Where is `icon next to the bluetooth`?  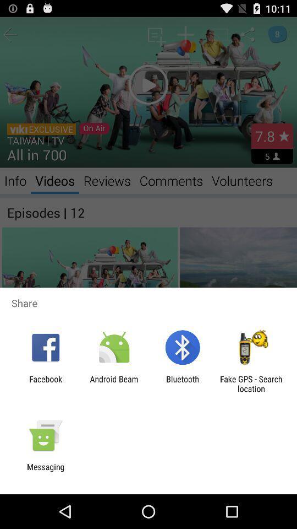 icon next to the bluetooth is located at coordinates (113, 384).